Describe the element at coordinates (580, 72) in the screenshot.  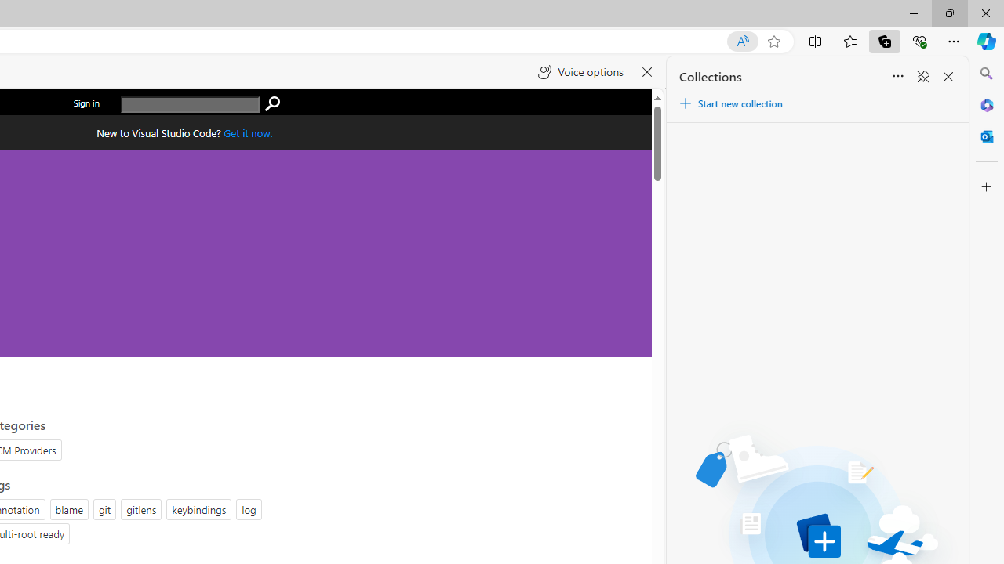
I see `'Voice options'` at that location.